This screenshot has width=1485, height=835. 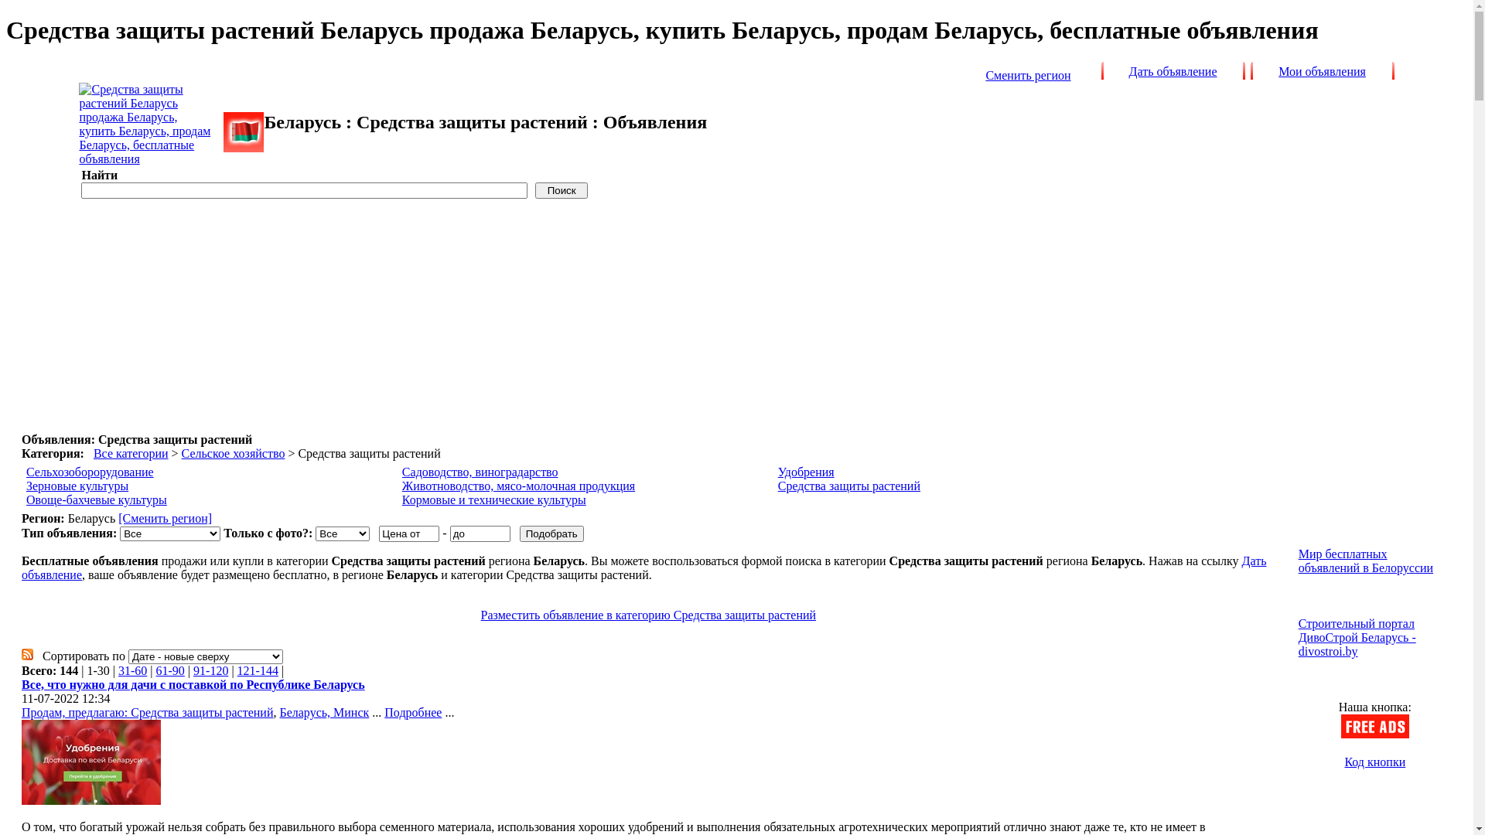 What do you see at coordinates (210, 670) in the screenshot?
I see `'91-120'` at bounding box center [210, 670].